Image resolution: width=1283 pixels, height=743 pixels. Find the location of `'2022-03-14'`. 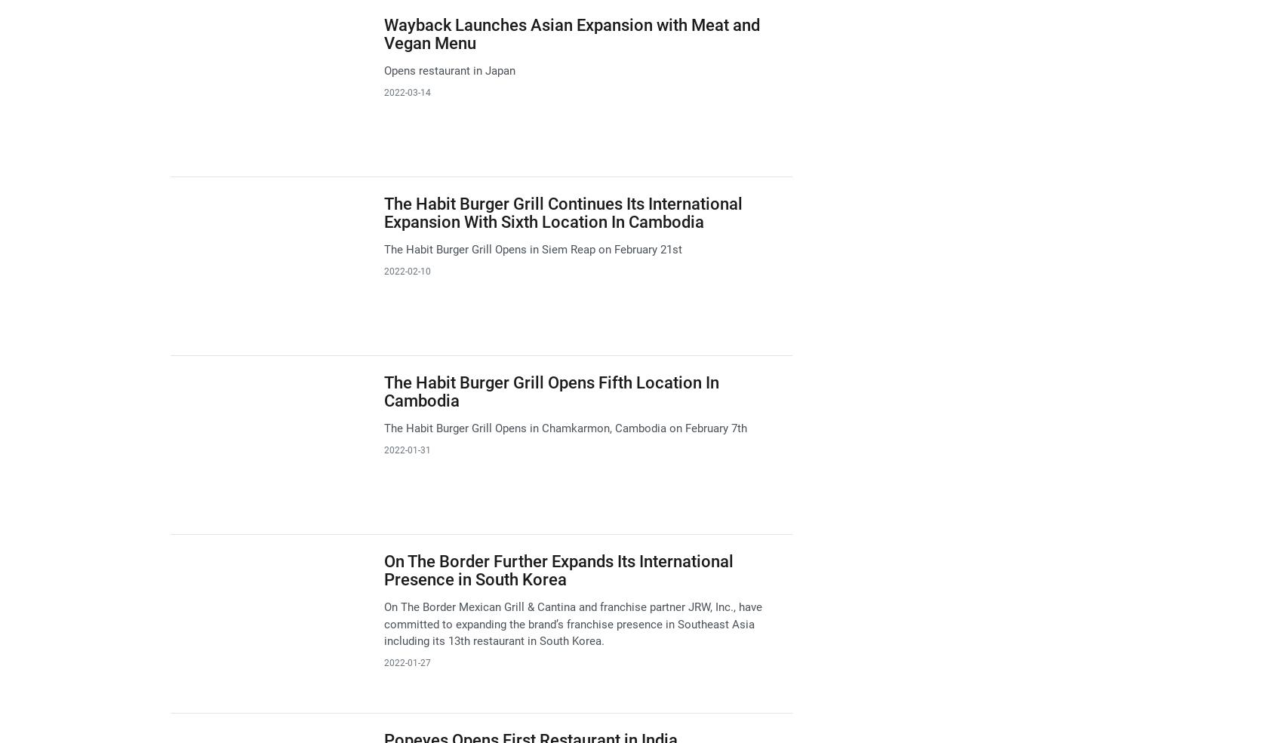

'2022-03-14' is located at coordinates (406, 92).